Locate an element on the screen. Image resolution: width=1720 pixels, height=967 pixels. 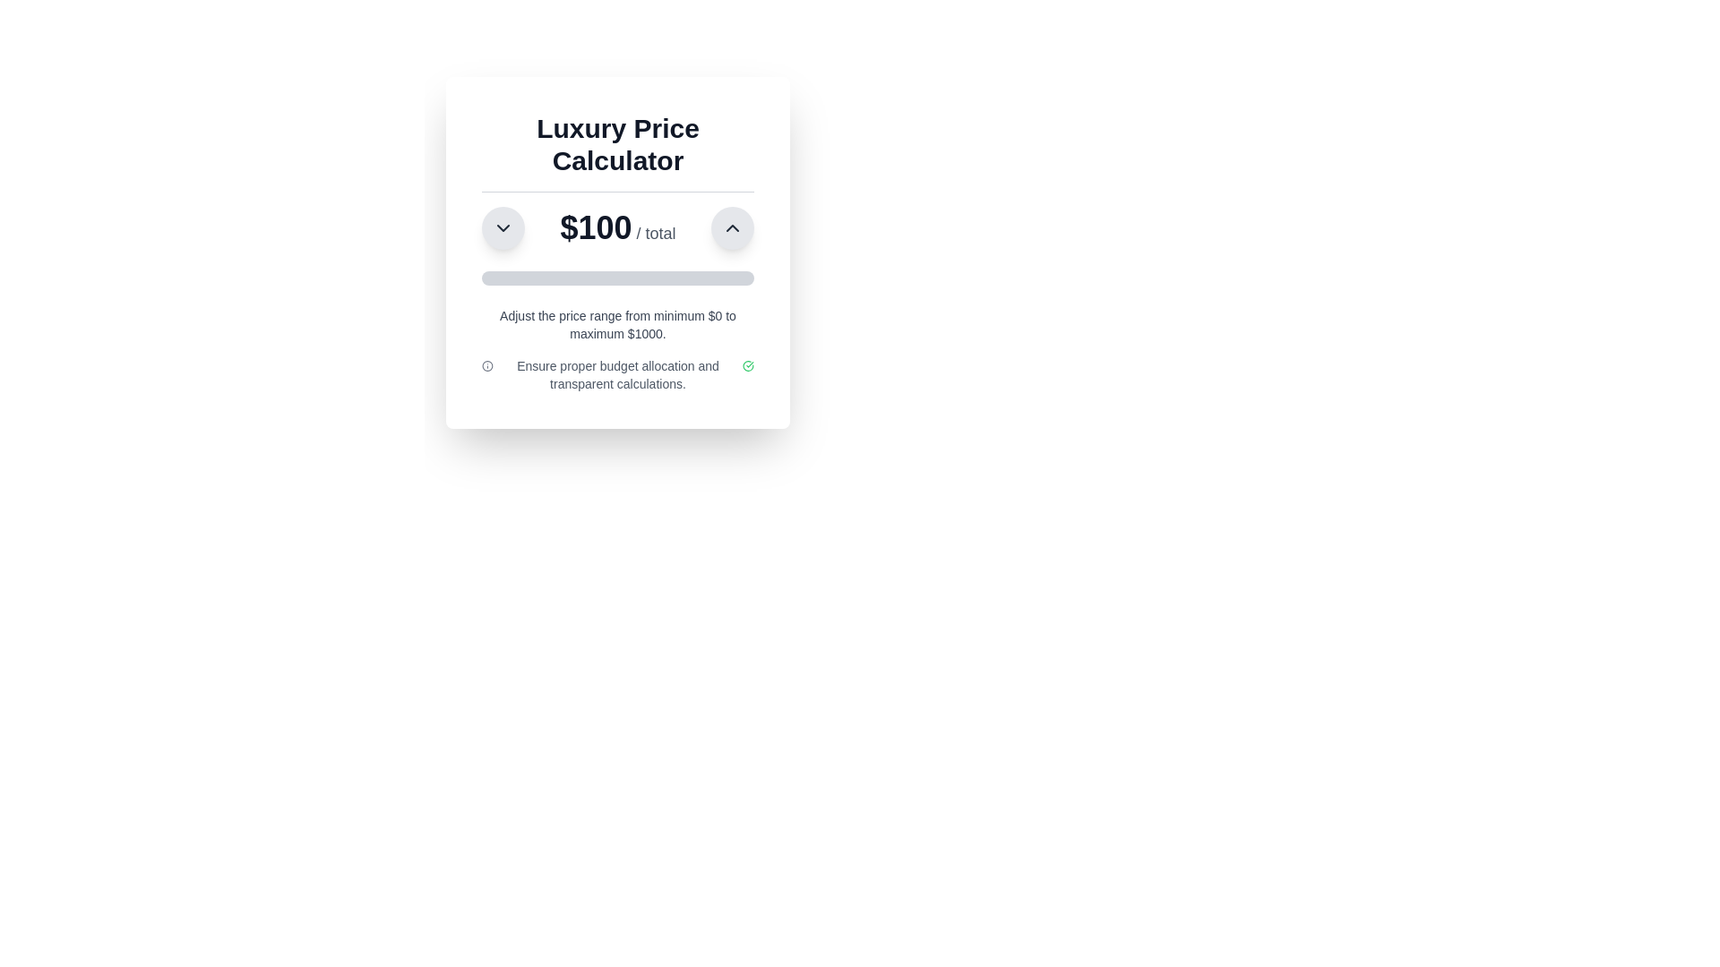
the upward-pointing chevron button located to the right of the '$100 / total' text to trigger a value change is located at coordinates (732, 227).